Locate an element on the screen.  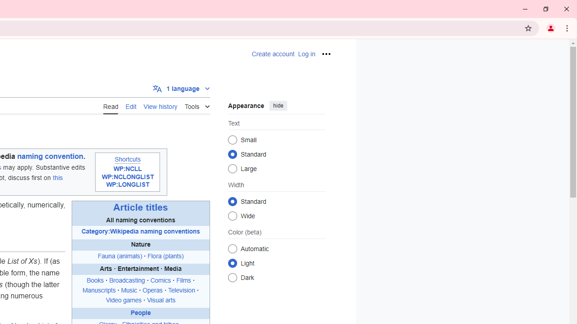
'Log in' is located at coordinates (307, 54).